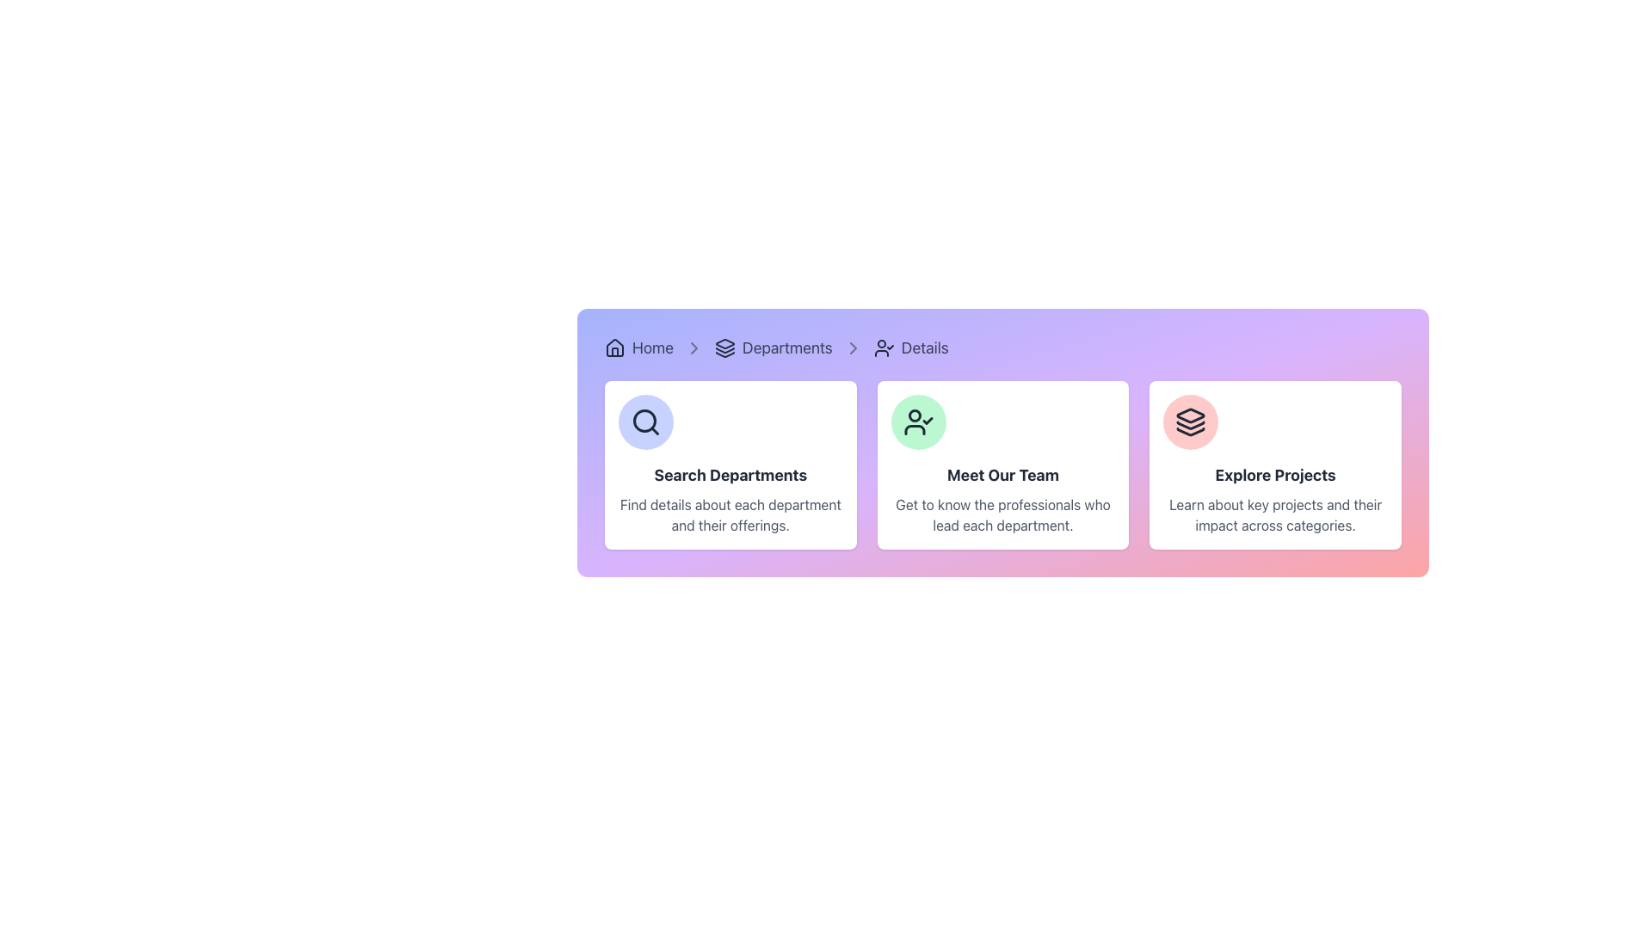  I want to click on the title or headline Text element located at the top-center of the middle card in a horizontal list of three cards, so click(1003, 475).